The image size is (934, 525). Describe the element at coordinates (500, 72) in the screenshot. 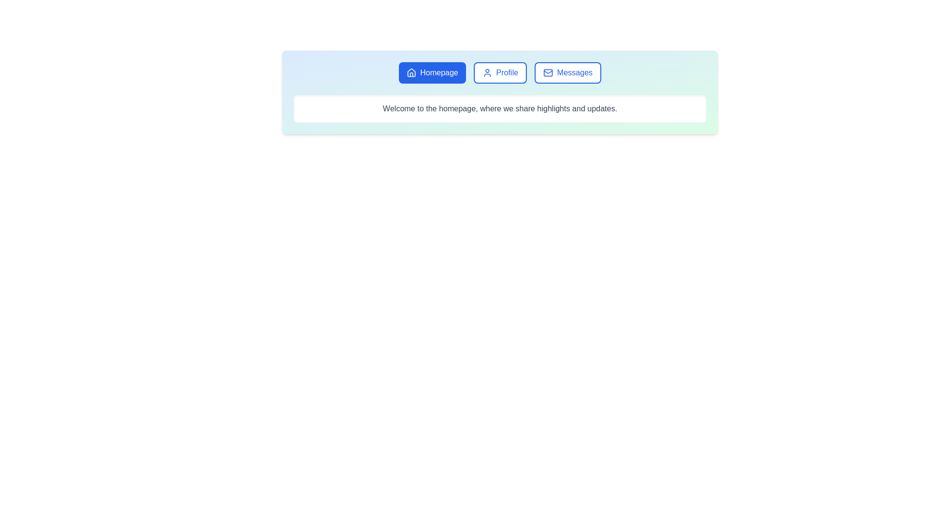

I see `the tab labeled 'Profile' to switch to it` at that location.